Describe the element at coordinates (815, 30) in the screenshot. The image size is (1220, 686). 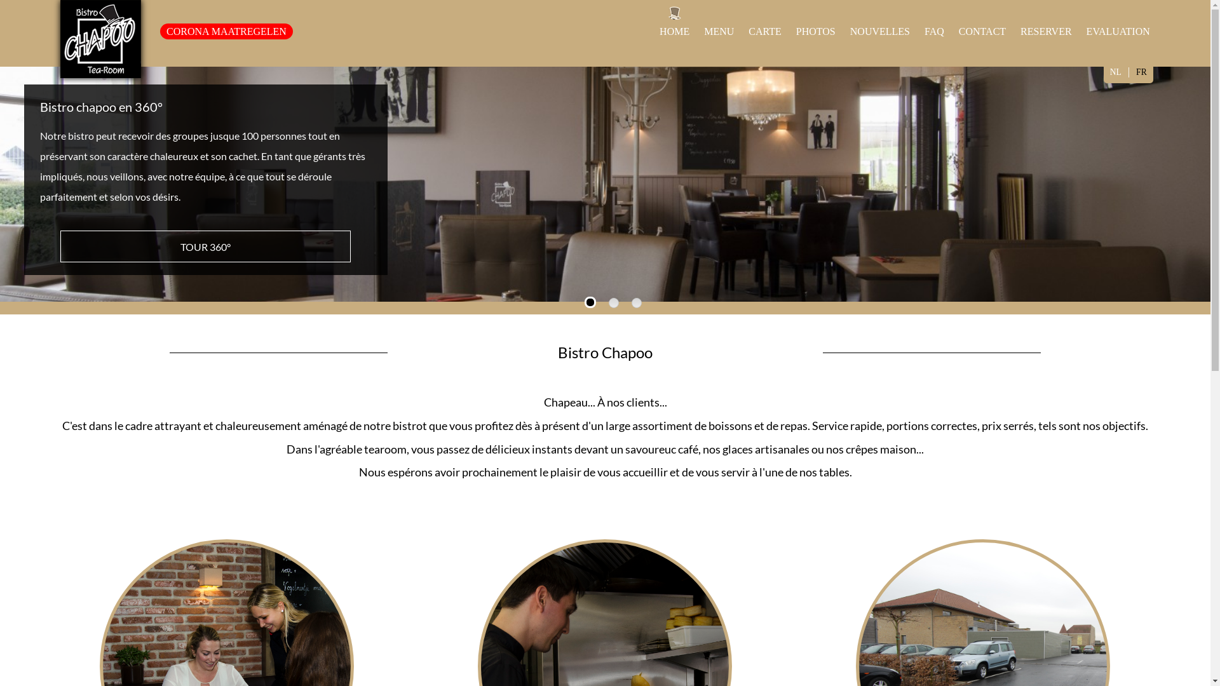
I see `'PHOTOS'` at that location.